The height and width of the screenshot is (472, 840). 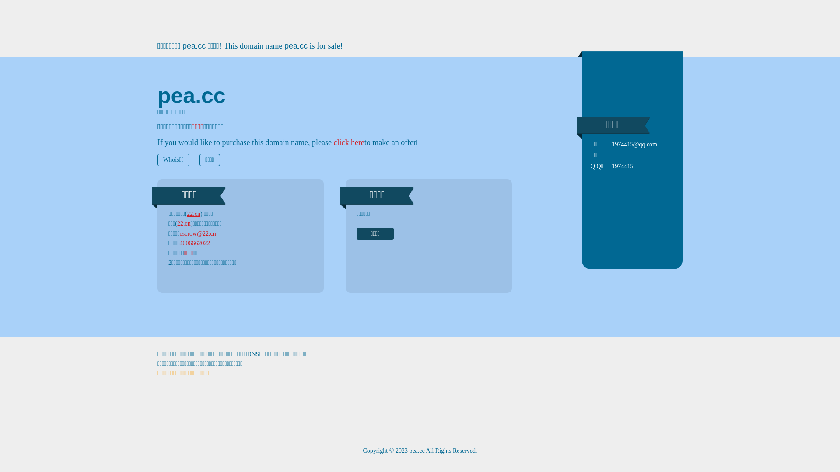 I want to click on 'escrow@22.cn', so click(x=179, y=233).